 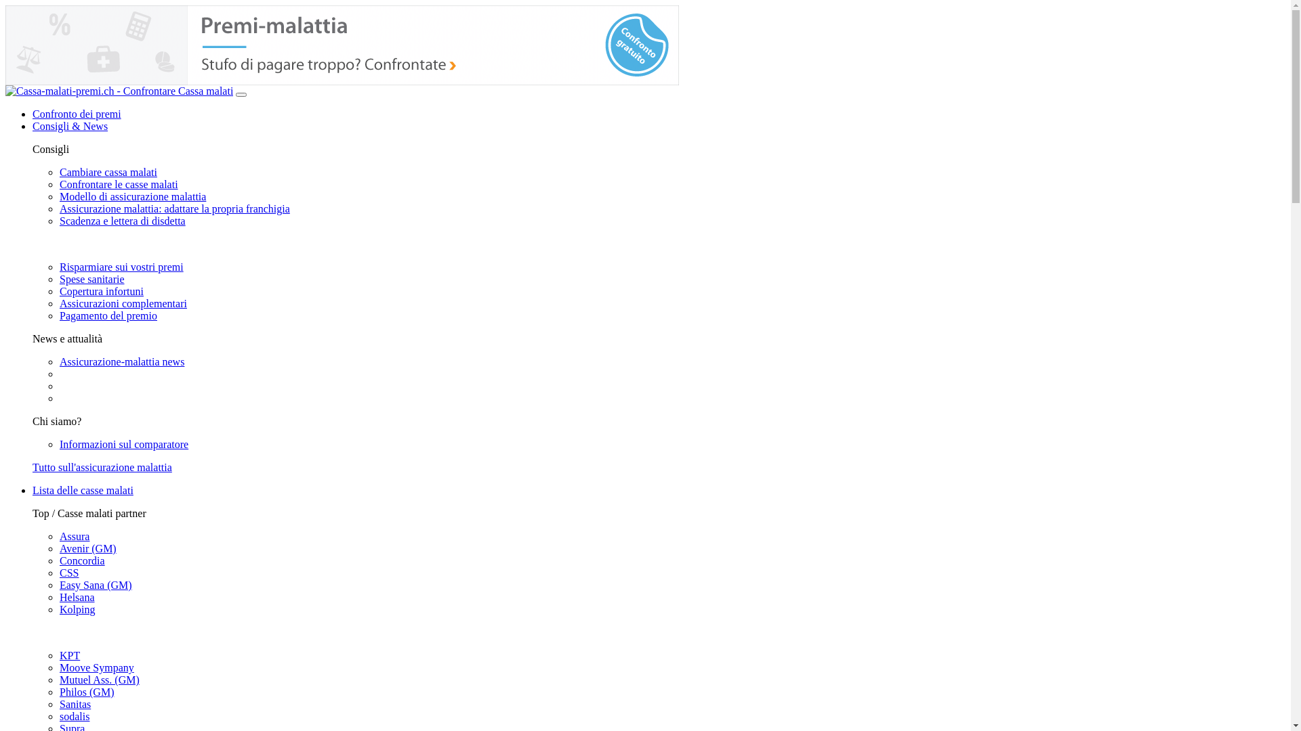 What do you see at coordinates (107, 171) in the screenshot?
I see `'Cambiare cassa malati'` at bounding box center [107, 171].